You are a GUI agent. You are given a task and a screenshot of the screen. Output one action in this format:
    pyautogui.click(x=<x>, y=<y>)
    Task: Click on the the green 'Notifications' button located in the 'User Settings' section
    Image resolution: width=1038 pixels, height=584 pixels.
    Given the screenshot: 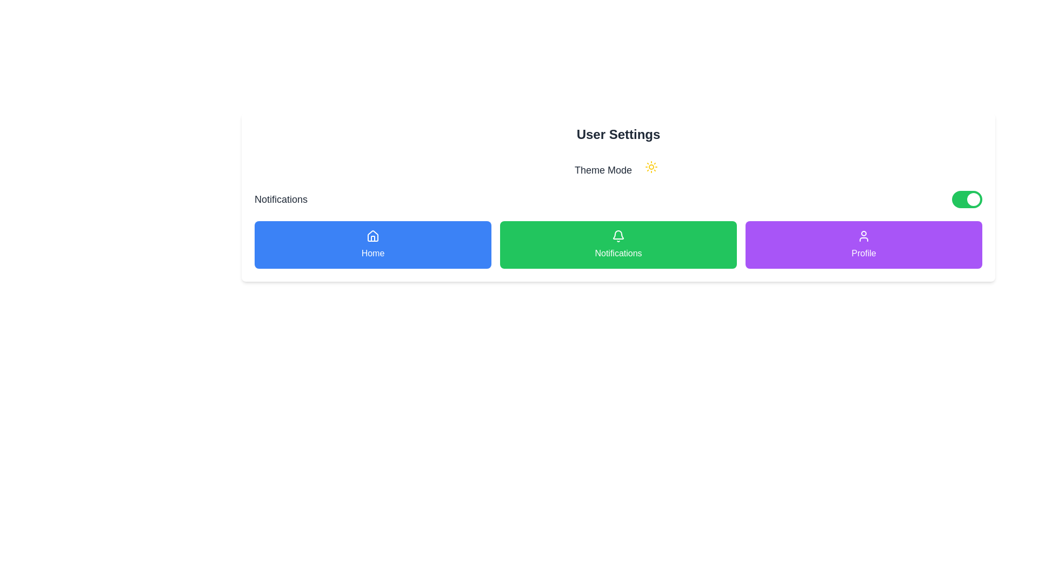 What is the action you would take?
    pyautogui.click(x=618, y=244)
    